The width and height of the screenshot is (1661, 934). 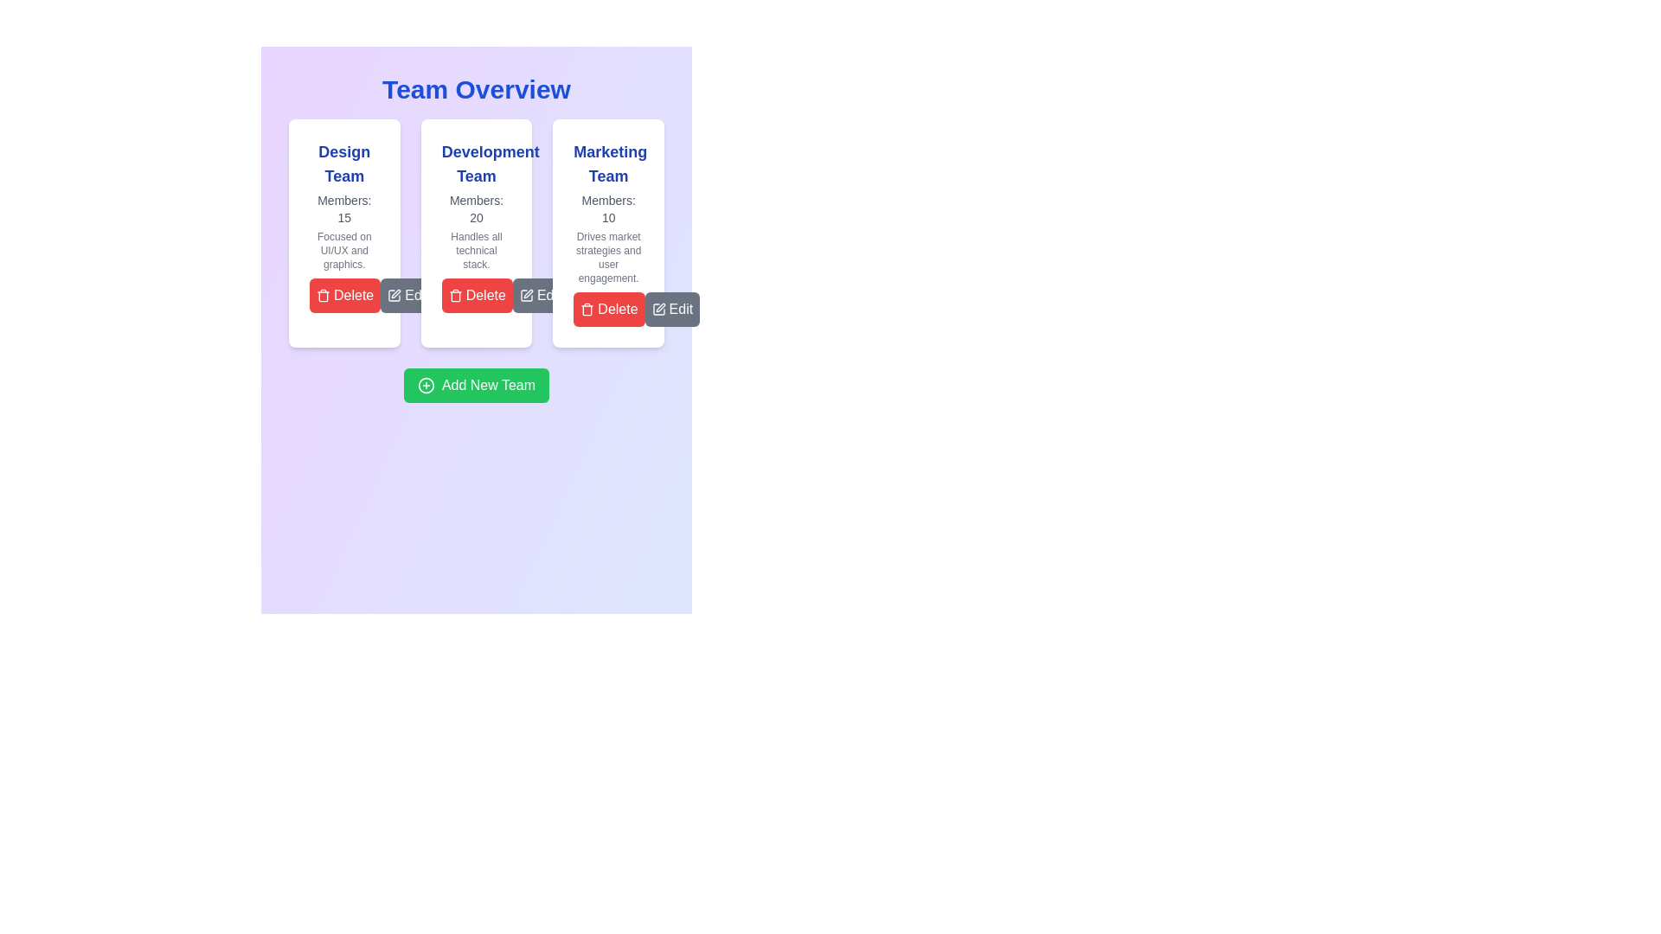 I want to click on the square-shaped pen icon located on the 'Edit' button with a gray background and white text, adjacent to the 'Delete' button below the 'Marketing Team' card in the last column of the Team Overview section to trigger visual feedback, so click(x=657, y=309).